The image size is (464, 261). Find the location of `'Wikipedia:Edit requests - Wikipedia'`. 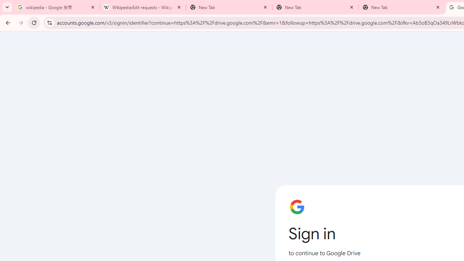

'Wikipedia:Edit requests - Wikipedia' is located at coordinates (143, 7).